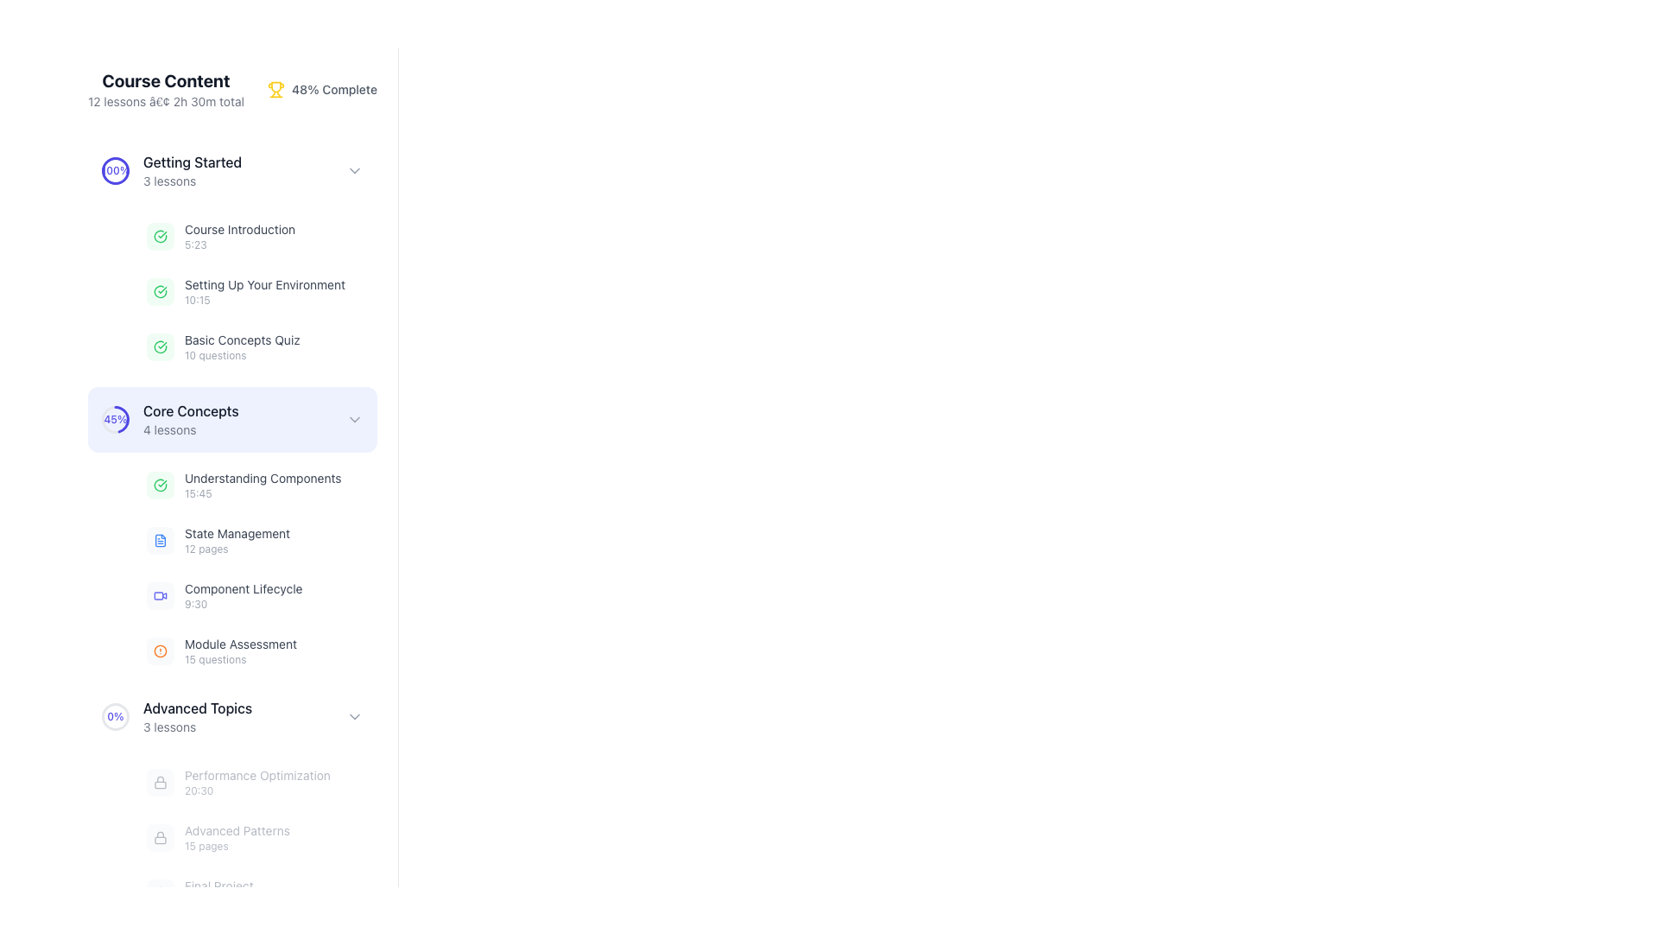  What do you see at coordinates (115, 420) in the screenshot?
I see `the Circular Visual Progress Ring Indicator located in the 'Core Concepts' section, which visually represents the completion percentage of 45%` at bounding box center [115, 420].